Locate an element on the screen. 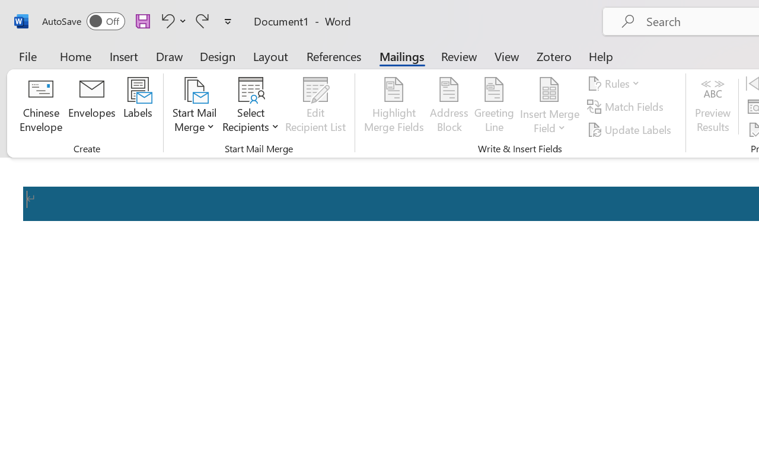 This screenshot has height=474, width=759. 'Rules' is located at coordinates (616, 84).